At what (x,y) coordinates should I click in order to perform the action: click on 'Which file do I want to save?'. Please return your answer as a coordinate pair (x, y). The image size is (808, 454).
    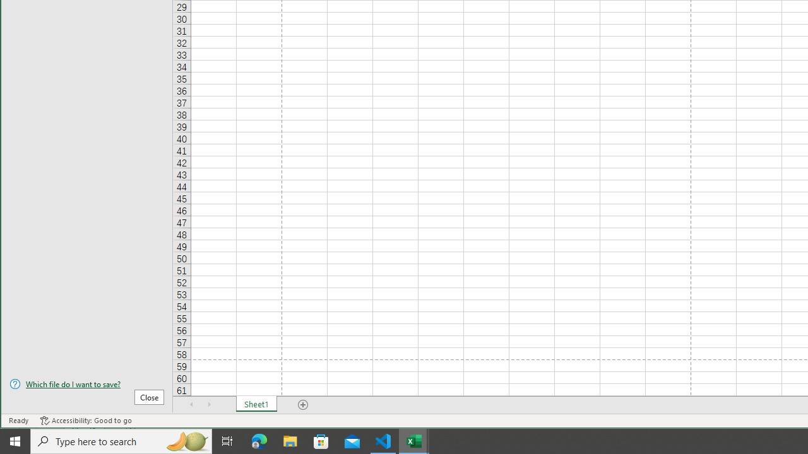
    Looking at the image, I should click on (86, 383).